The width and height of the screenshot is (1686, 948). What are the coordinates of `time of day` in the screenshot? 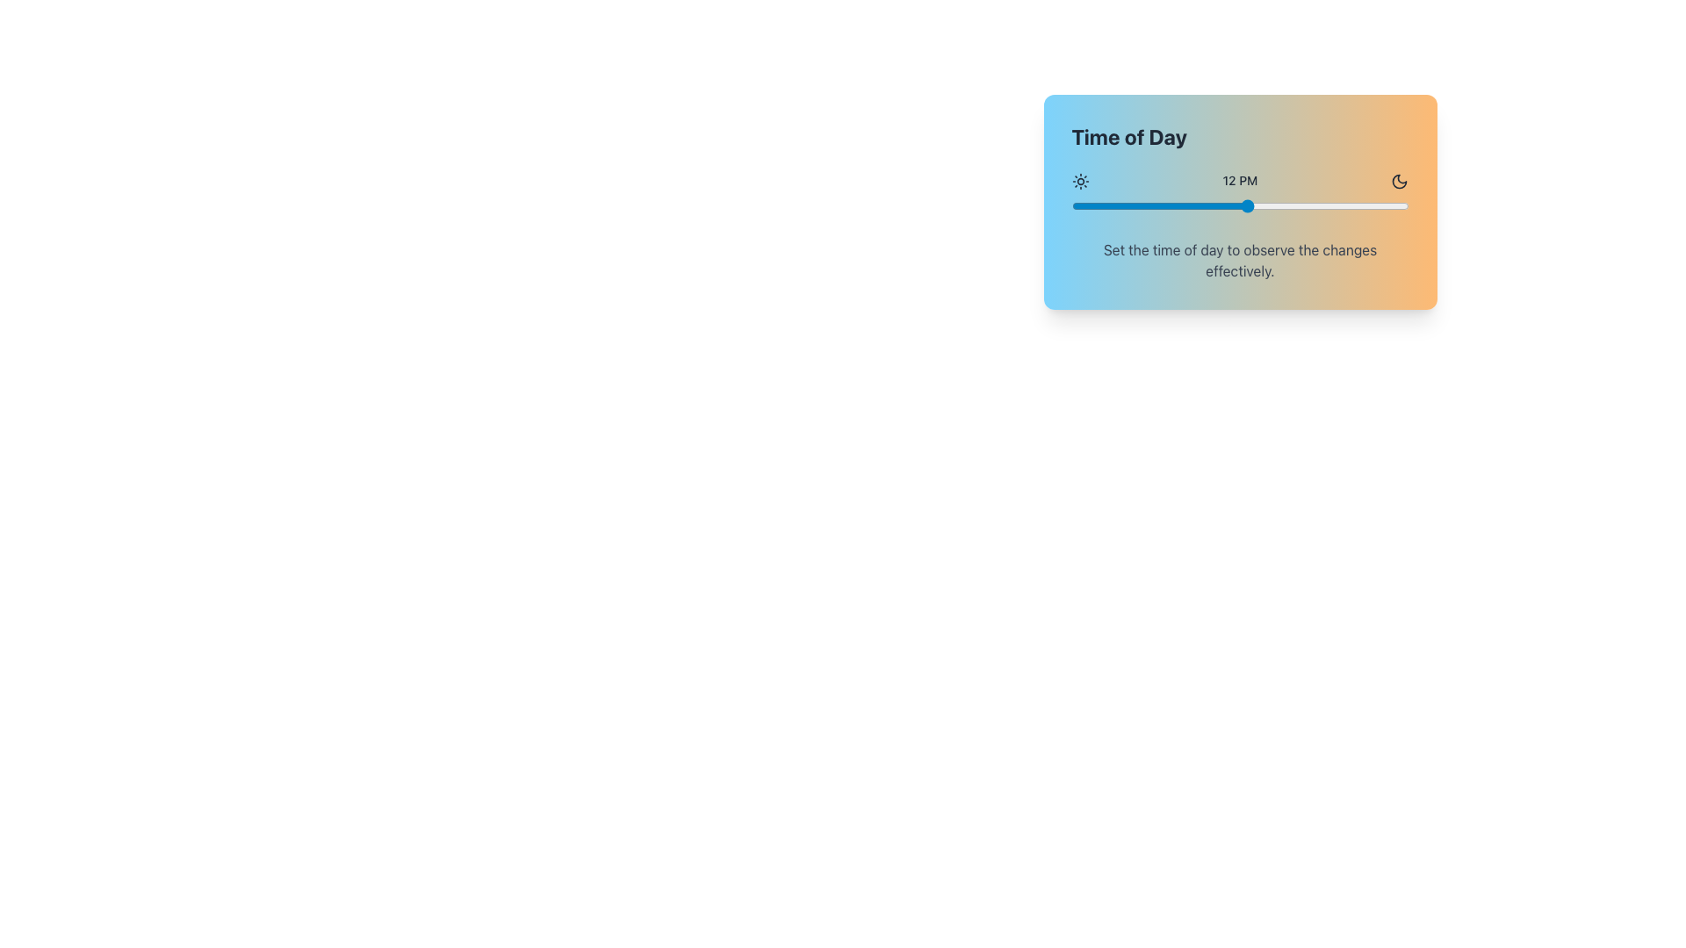 It's located at (1085, 205).